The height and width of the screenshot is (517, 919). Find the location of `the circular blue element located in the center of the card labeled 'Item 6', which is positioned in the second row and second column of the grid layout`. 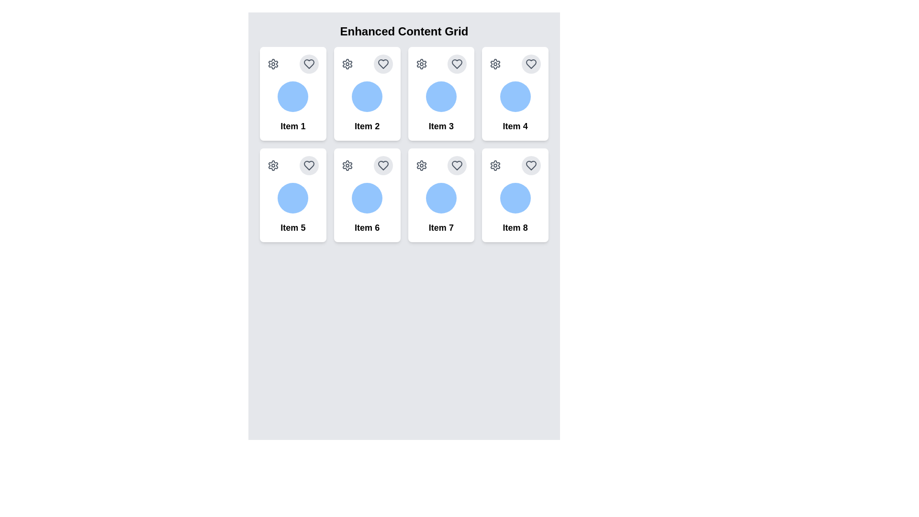

the circular blue element located in the center of the card labeled 'Item 6', which is positioned in the second row and second column of the grid layout is located at coordinates (367, 197).